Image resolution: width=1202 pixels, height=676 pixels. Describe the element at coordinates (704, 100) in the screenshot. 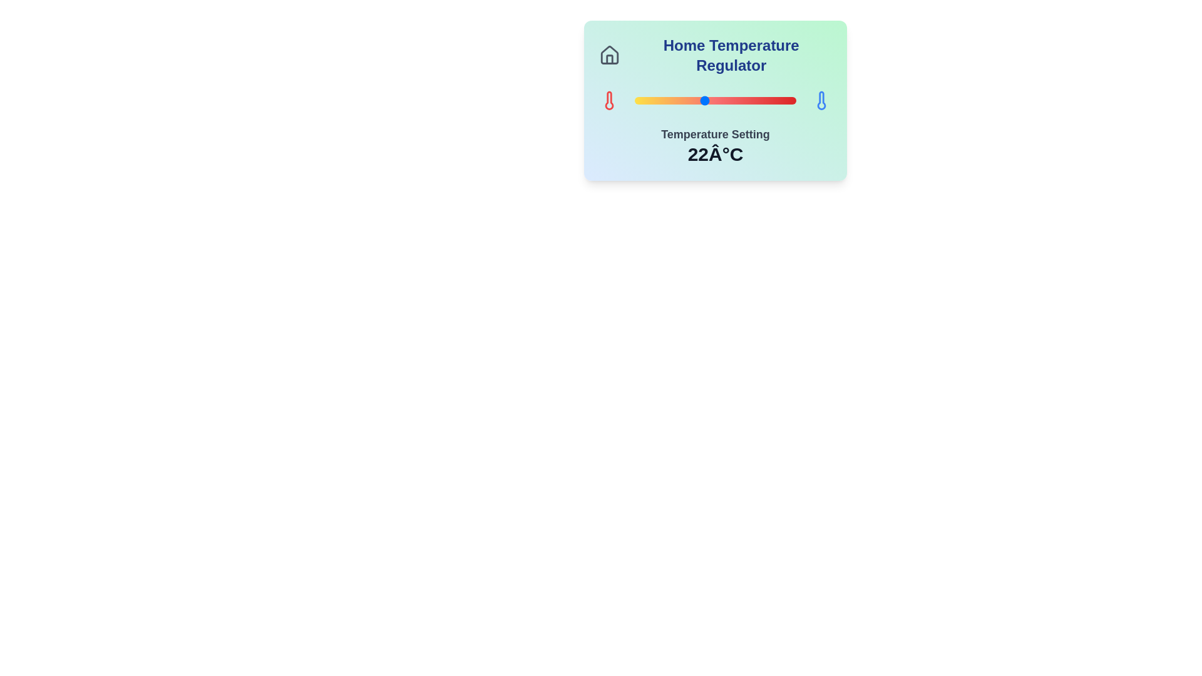

I see `the temperature to 22°C using the slider` at that location.